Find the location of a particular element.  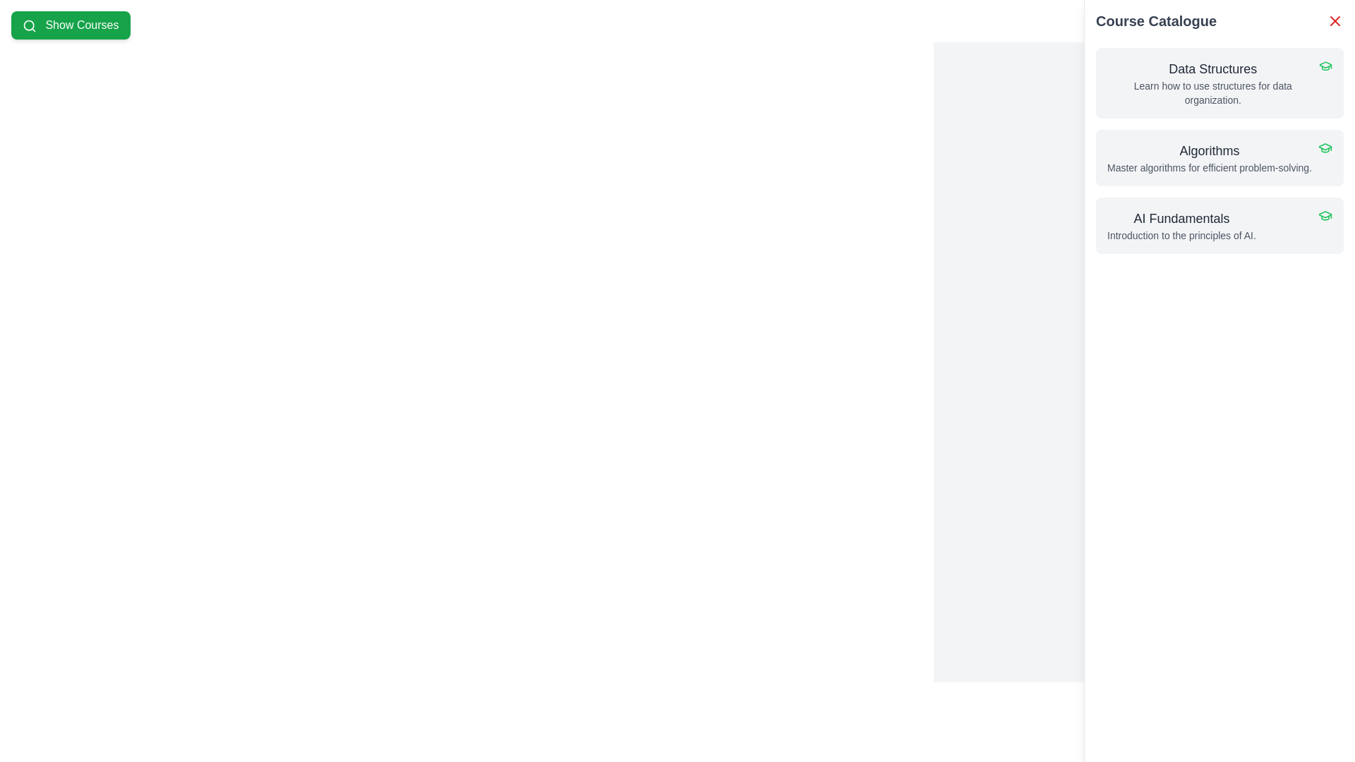

the green rectangular button labeled 'Show Courses' with a magnifying glass icon is located at coordinates (70, 25).